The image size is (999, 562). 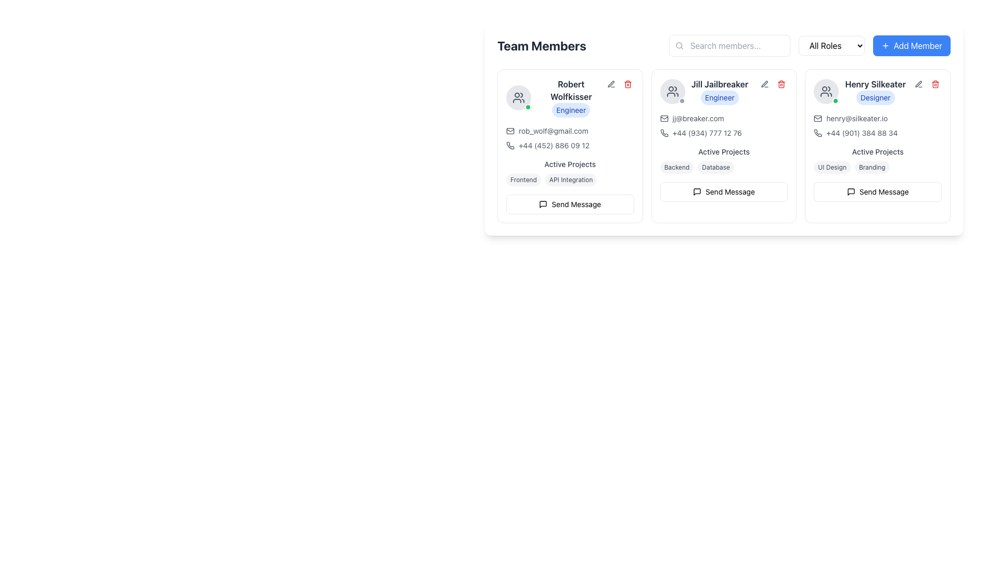 I want to click on the send message button located at the bottom of Robert Wolfkisser's card, below the 'Active Projects' section, so click(x=569, y=205).